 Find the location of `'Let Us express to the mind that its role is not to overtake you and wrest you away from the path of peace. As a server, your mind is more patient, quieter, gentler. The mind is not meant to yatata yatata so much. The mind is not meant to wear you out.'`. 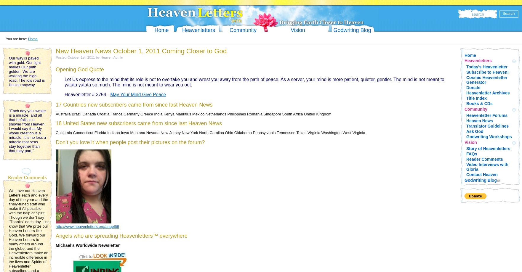

'Let Us express to the mind that its role is not to overtake you and wrest you away from the path of peace. As a server, your mind is more patient, quieter, gentler. The mind is not meant to yatata yatata so much. The mind is not meant to wear you out.' is located at coordinates (254, 82).